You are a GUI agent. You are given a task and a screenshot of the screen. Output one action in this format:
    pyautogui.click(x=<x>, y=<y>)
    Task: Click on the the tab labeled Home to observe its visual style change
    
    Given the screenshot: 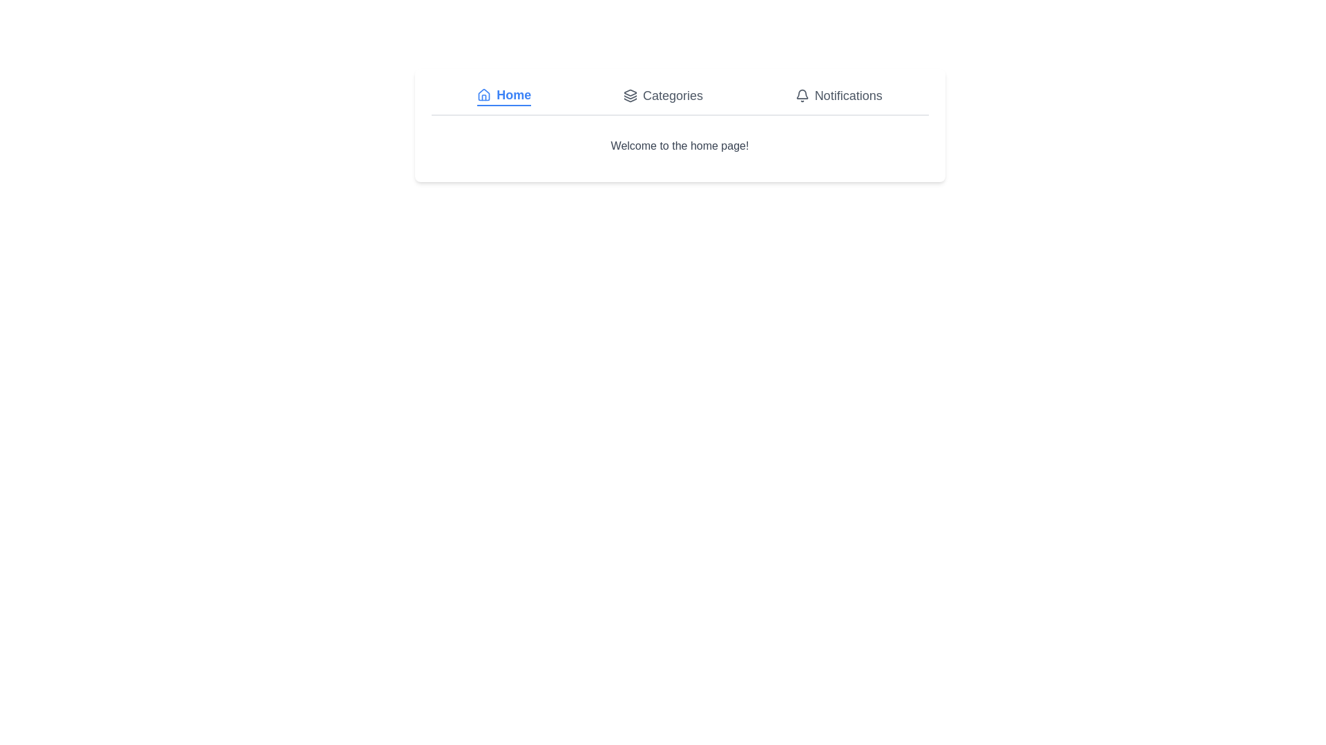 What is the action you would take?
    pyautogui.click(x=503, y=95)
    